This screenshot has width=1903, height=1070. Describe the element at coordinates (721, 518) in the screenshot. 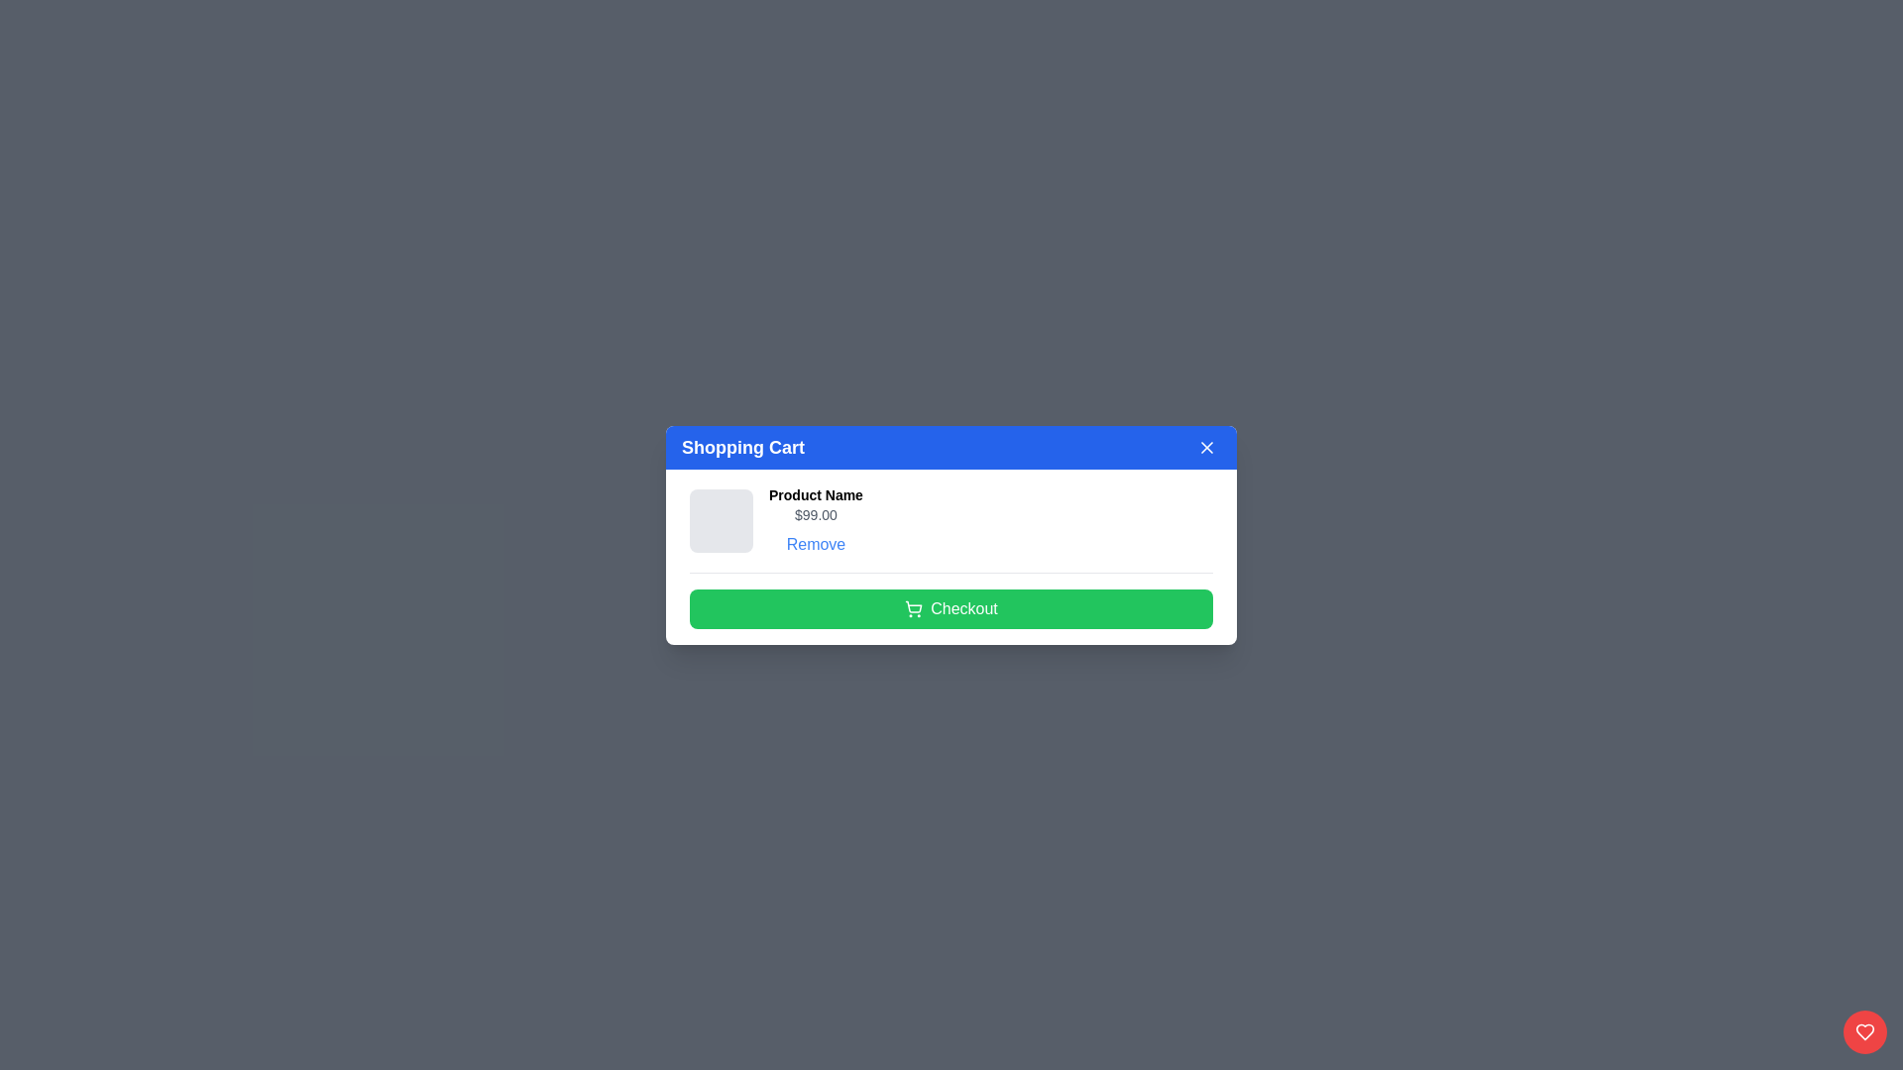

I see `the Static display box in the shopping cart interface, which serves as a visual representation of the product image` at that location.